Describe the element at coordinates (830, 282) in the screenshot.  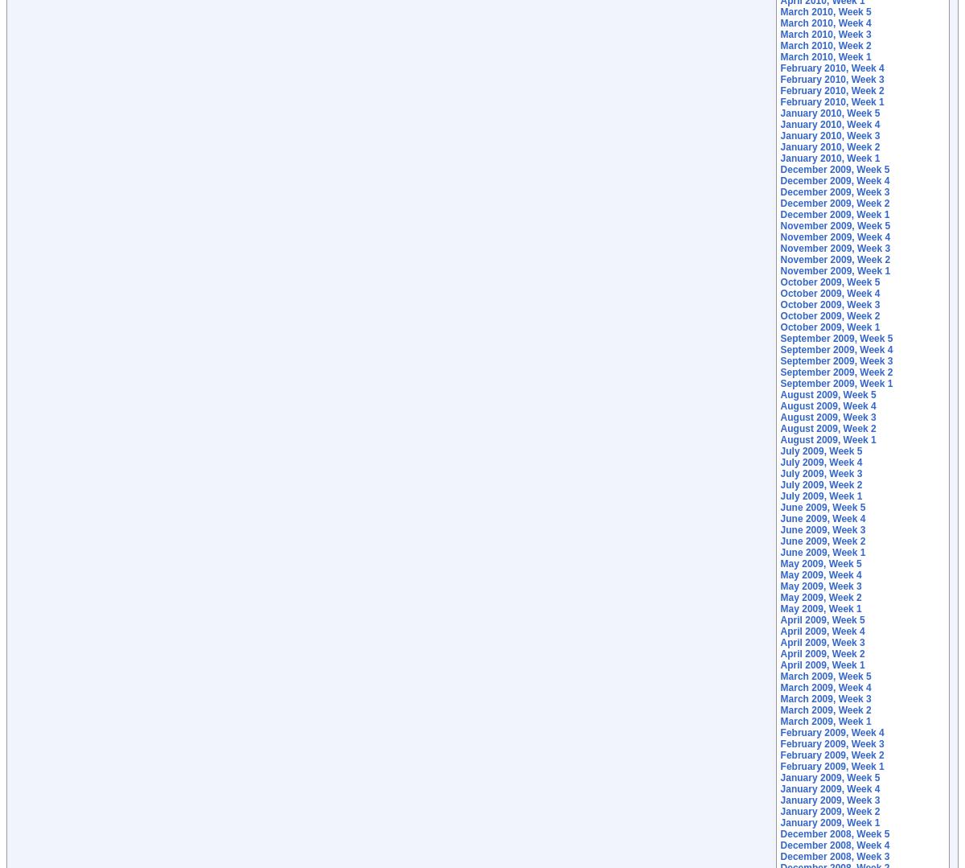
I see `'October 2009, Week 5'` at that location.